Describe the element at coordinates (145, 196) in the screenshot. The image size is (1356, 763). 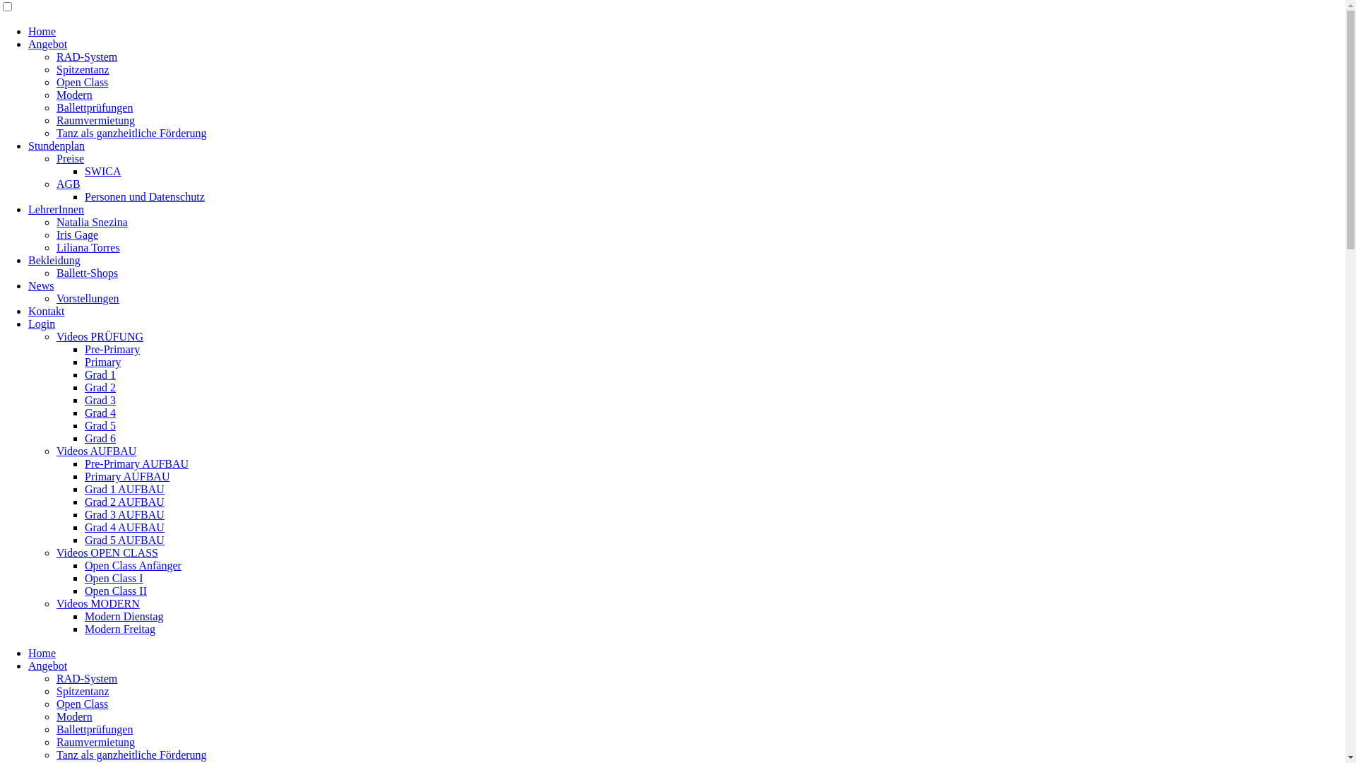
I see `'Personen und Datenschutz'` at that location.